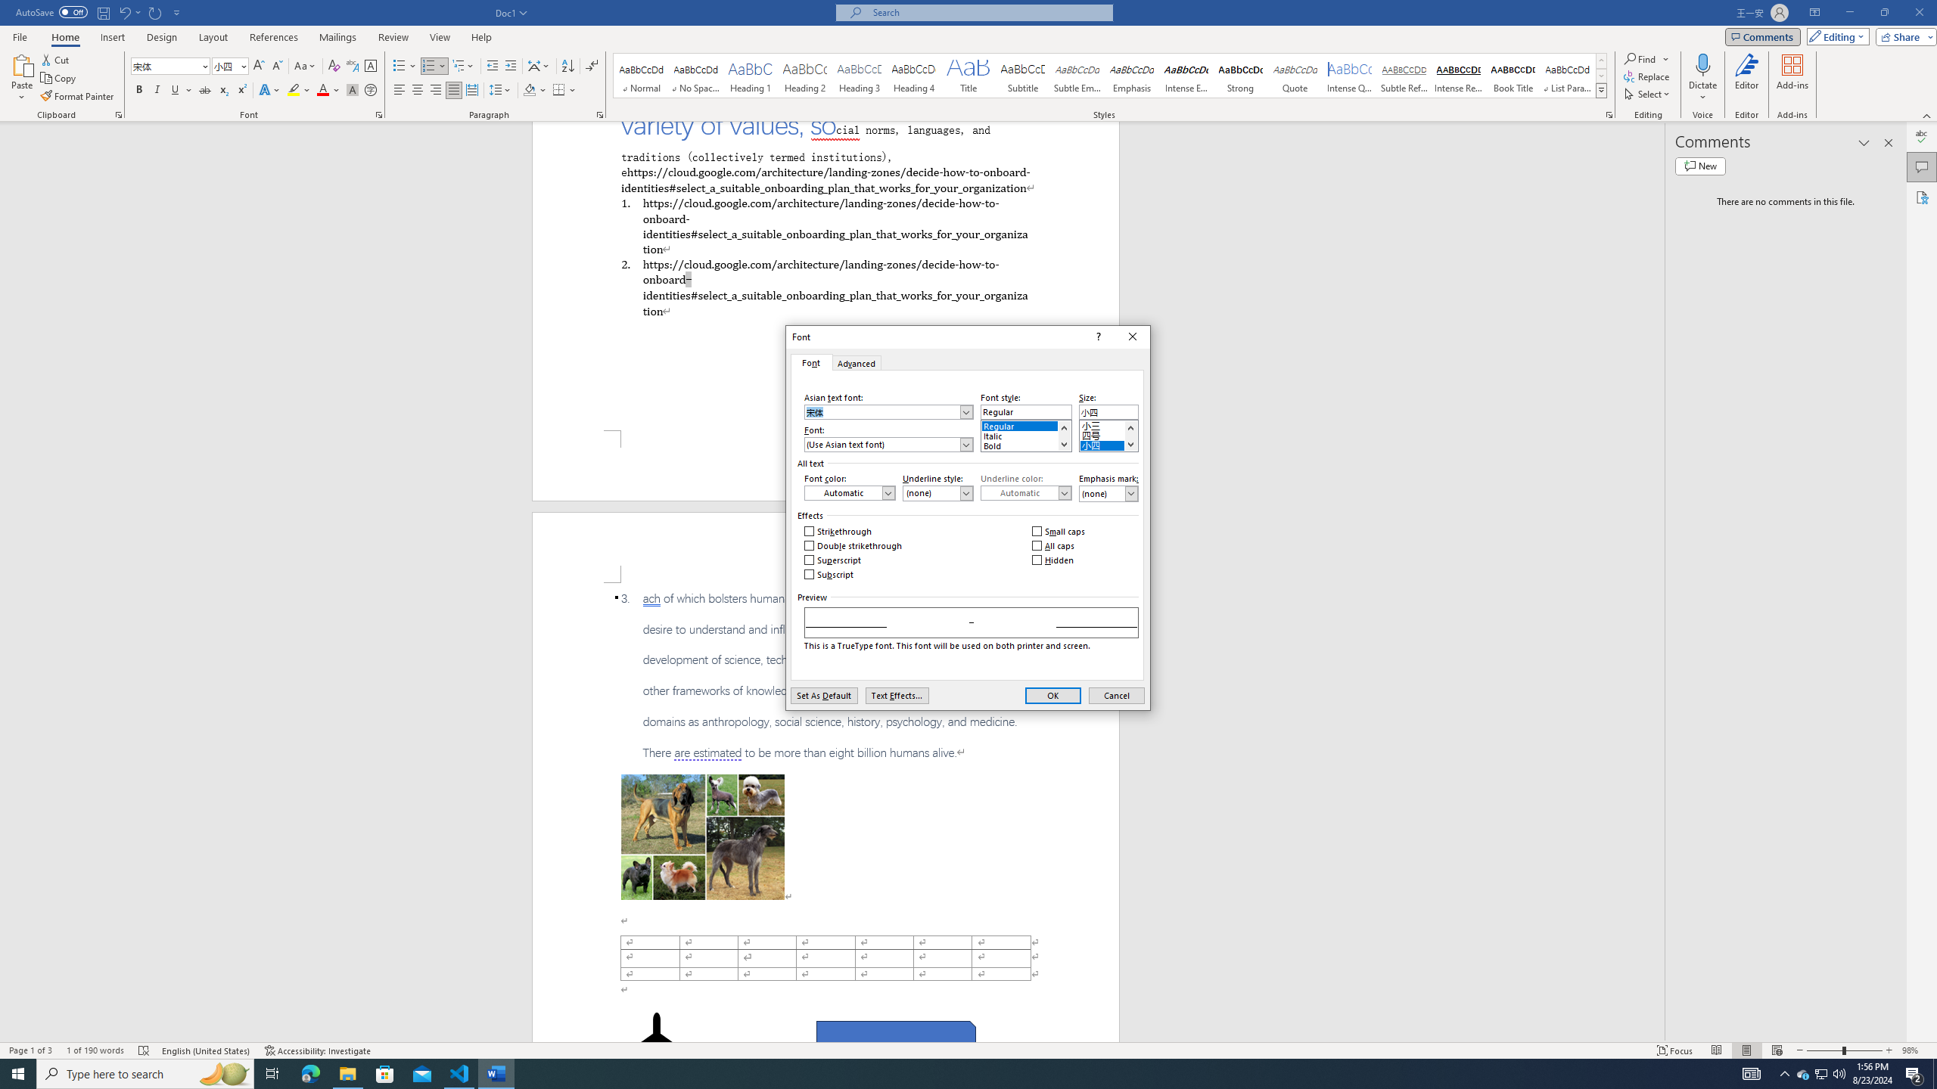 The image size is (1937, 1089). Describe the element at coordinates (299, 89) in the screenshot. I see `'Text Highlight Color'` at that location.